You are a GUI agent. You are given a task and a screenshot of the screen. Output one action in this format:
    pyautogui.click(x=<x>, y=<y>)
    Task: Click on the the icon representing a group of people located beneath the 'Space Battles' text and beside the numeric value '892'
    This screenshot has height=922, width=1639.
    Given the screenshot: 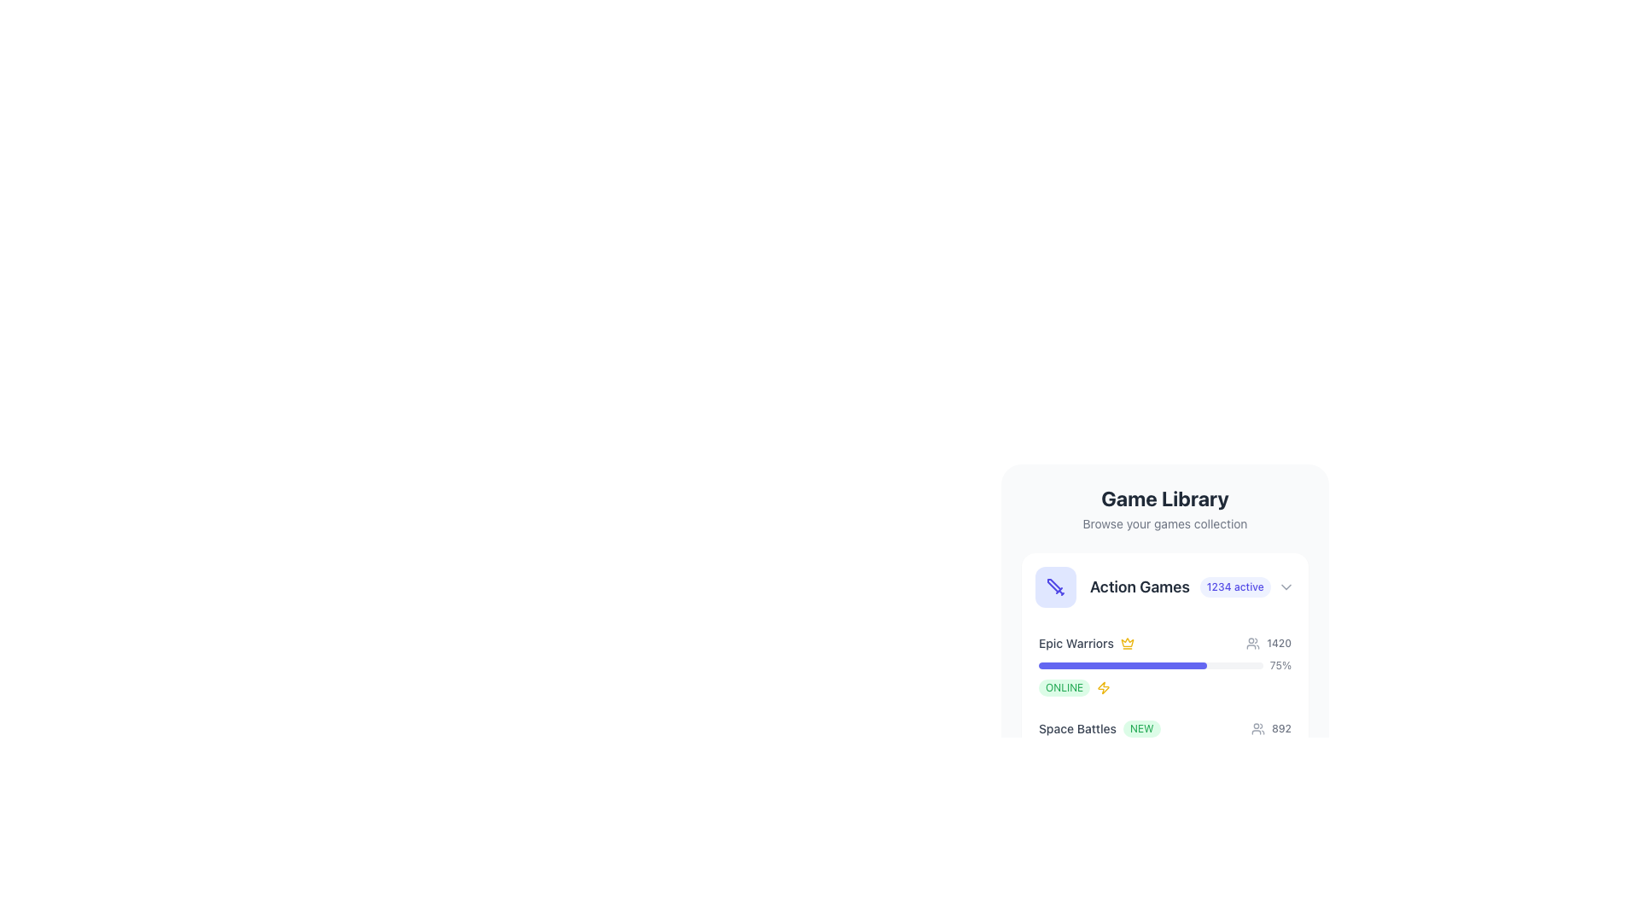 What is the action you would take?
    pyautogui.click(x=1257, y=728)
    